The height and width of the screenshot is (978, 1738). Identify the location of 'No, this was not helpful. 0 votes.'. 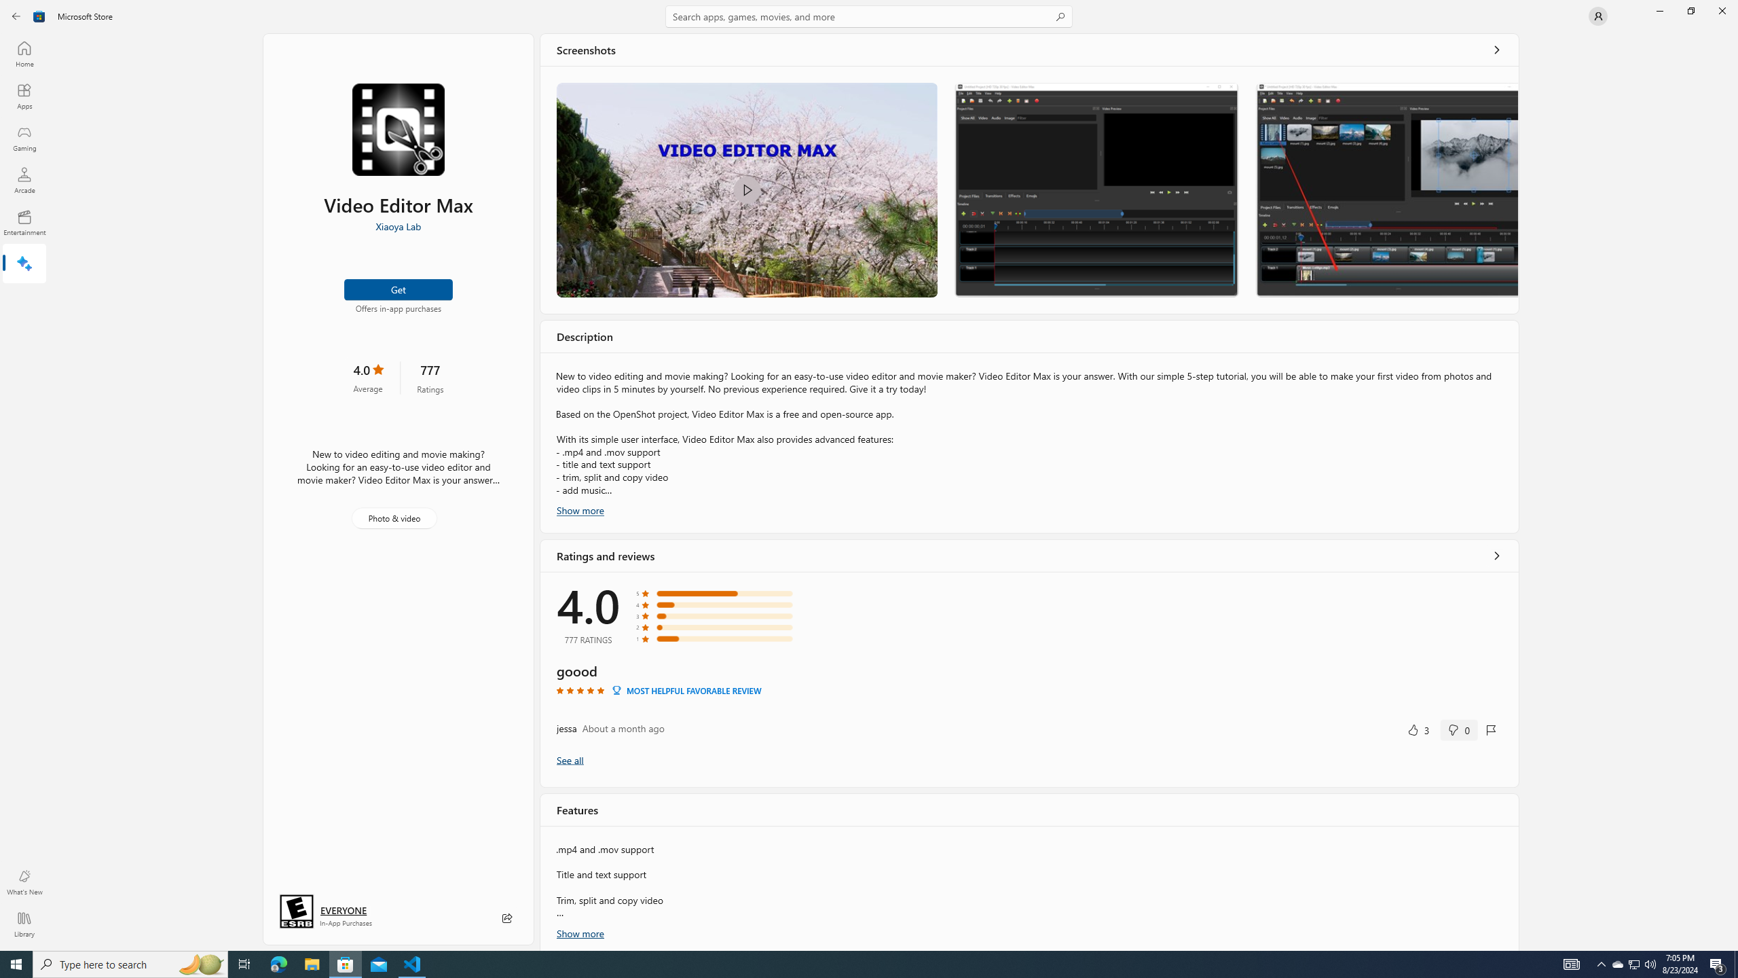
(1458, 729).